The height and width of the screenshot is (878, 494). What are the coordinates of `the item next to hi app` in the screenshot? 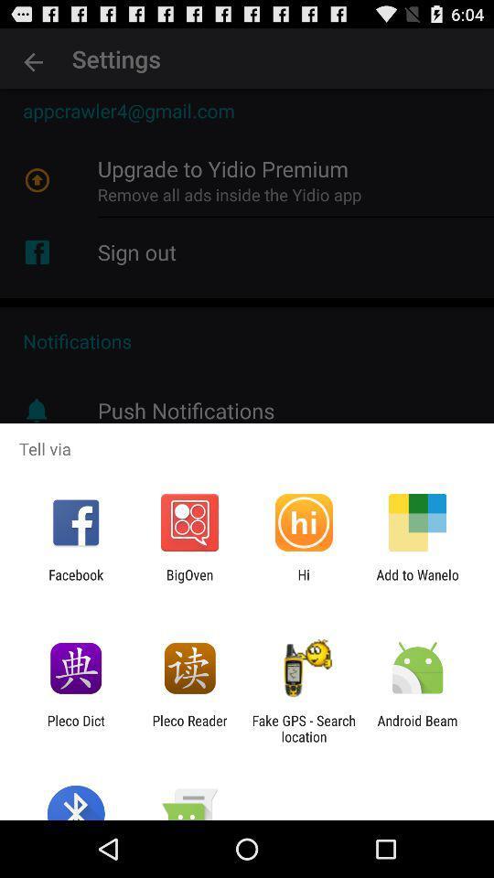 It's located at (417, 582).